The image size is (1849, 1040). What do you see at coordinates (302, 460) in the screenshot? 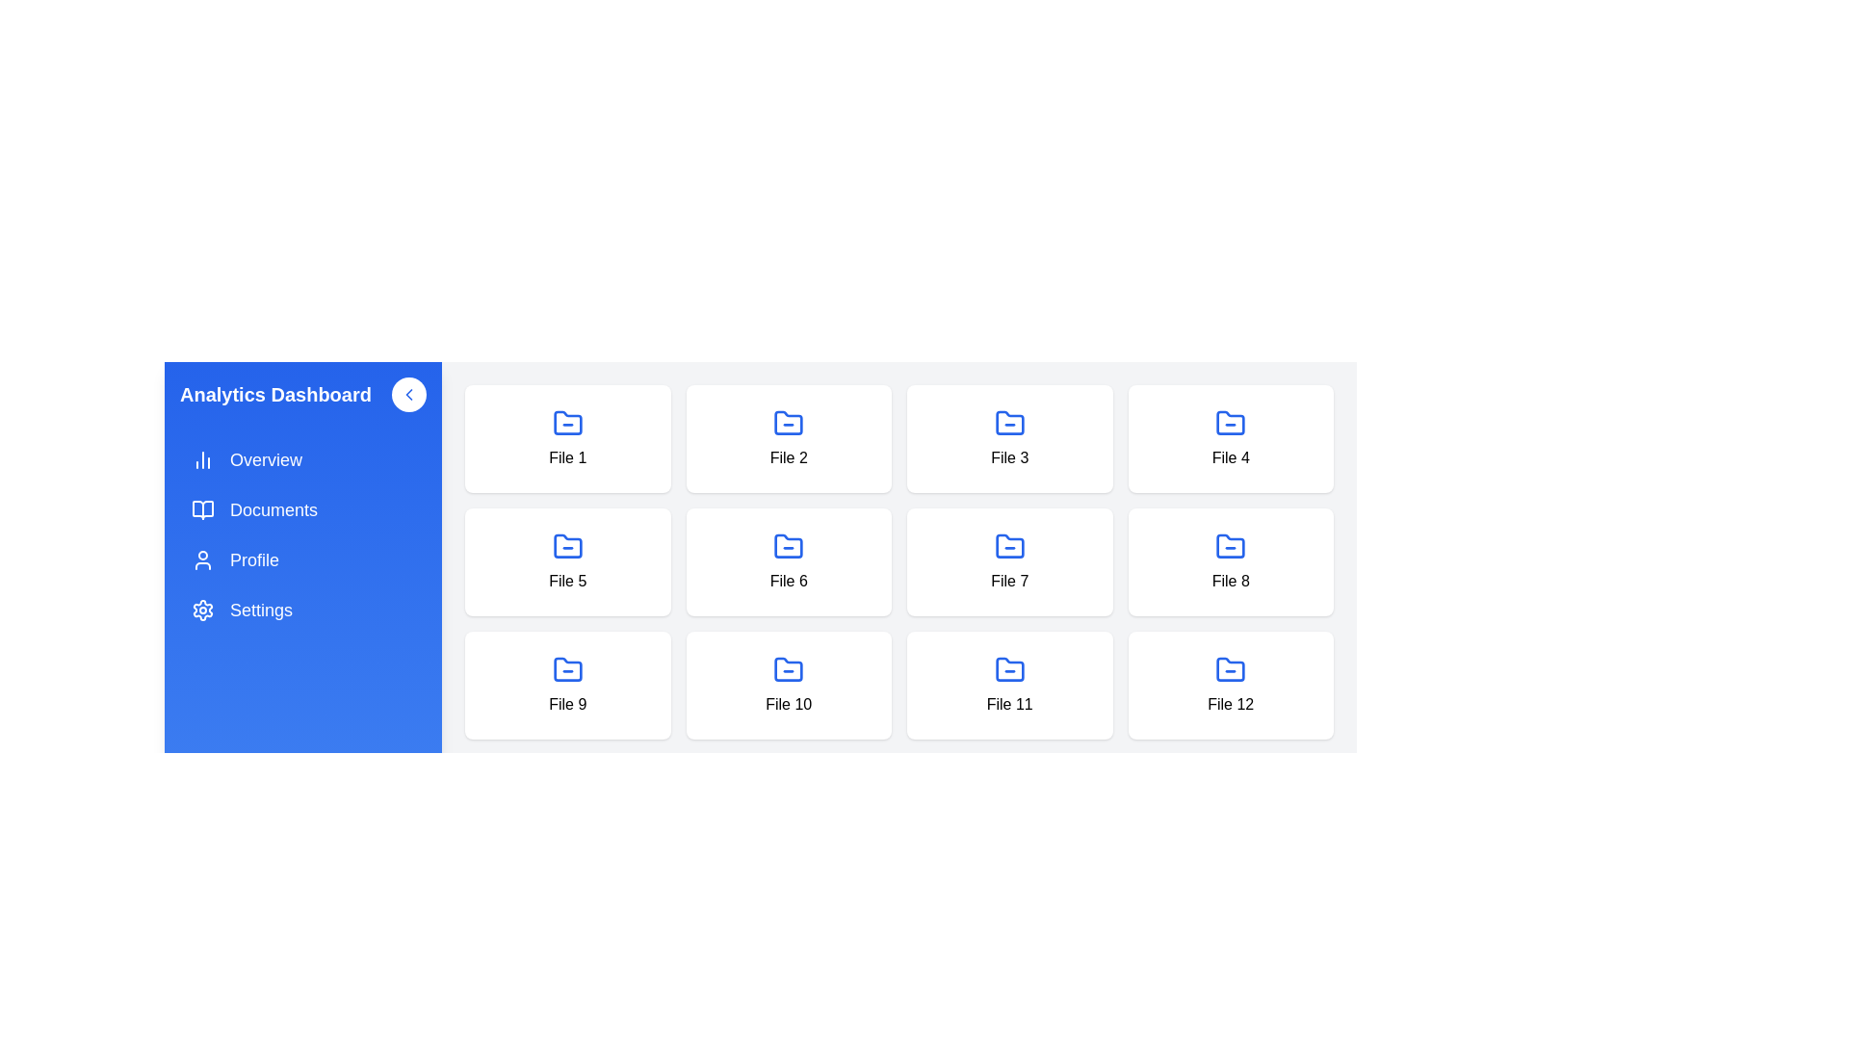
I see `the sidebar item Overview to observe interaction feedback` at bounding box center [302, 460].